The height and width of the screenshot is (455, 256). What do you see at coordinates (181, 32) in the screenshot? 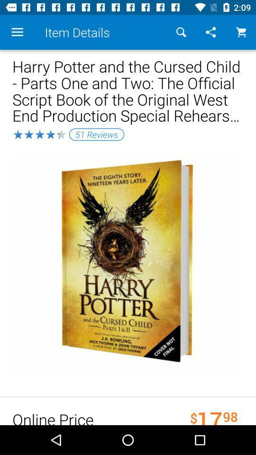
I see `item to the right of the item details` at bounding box center [181, 32].